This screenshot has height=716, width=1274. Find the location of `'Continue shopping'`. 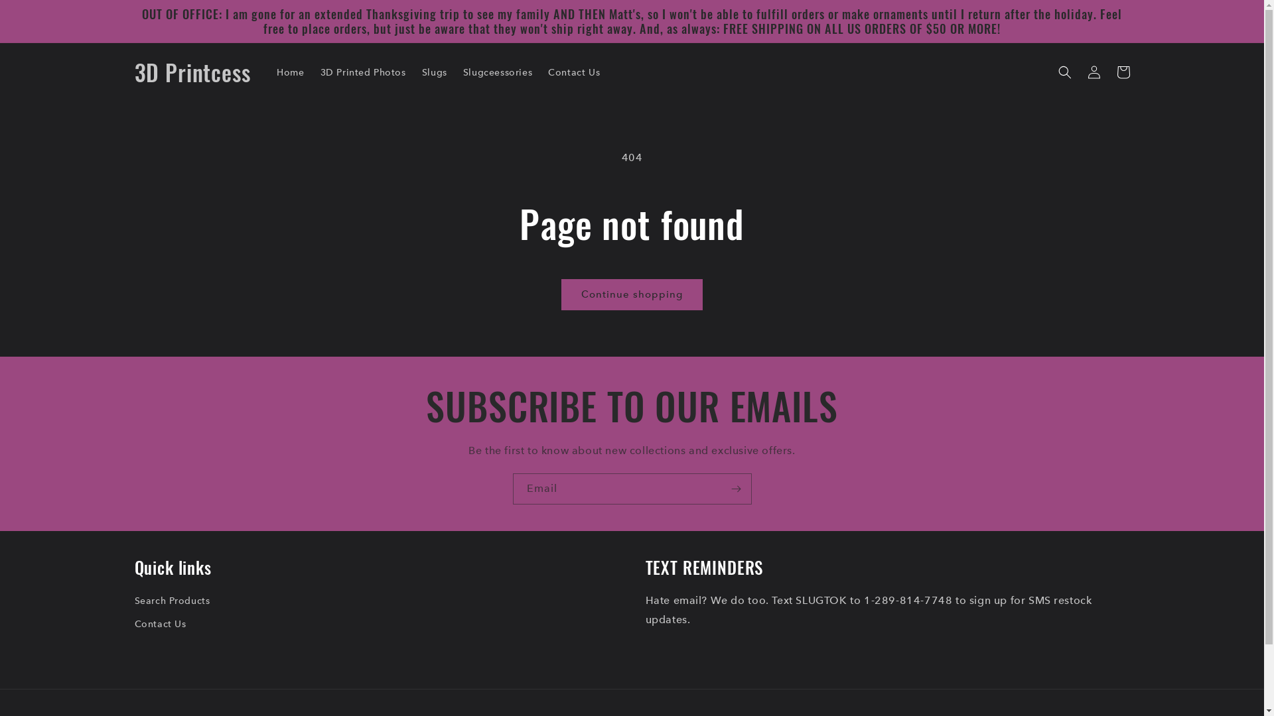

'Continue shopping' is located at coordinates (631, 294).